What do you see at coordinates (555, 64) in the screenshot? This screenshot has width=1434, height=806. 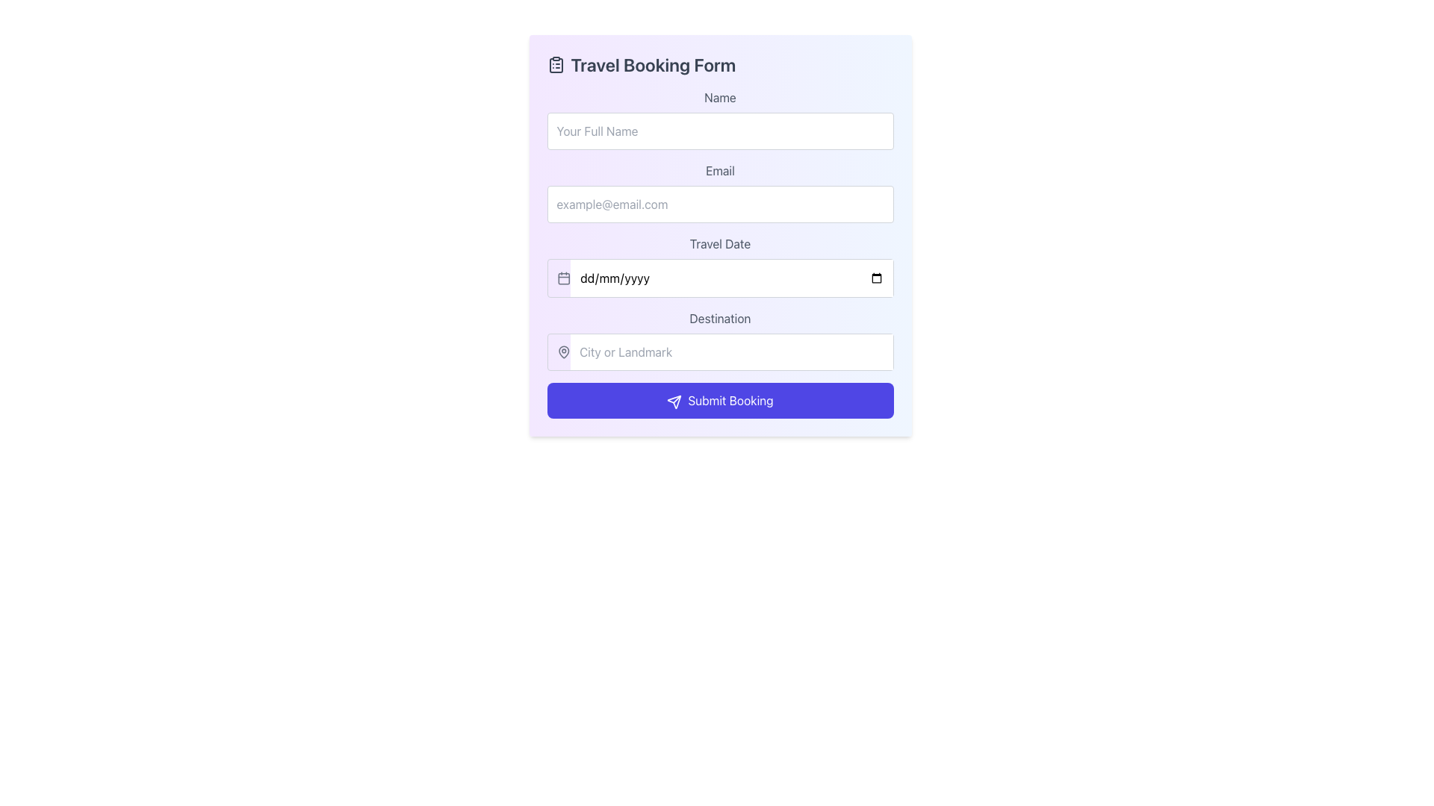 I see `clipboard icon with a list located to the left of the 'Travel Booking Form' text in the header section` at bounding box center [555, 64].